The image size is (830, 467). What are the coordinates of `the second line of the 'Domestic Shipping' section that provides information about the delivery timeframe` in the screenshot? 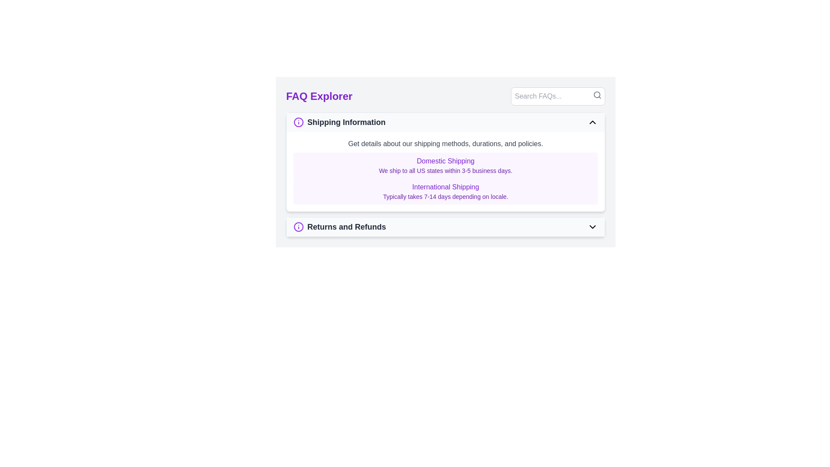 It's located at (446, 170).